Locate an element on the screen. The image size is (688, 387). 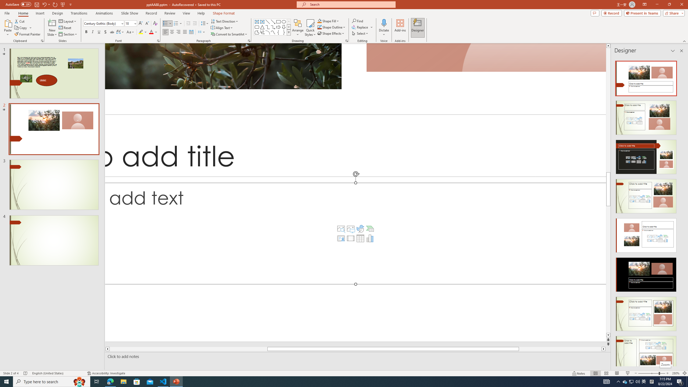
'Task Pane Options' is located at coordinates (672, 51).